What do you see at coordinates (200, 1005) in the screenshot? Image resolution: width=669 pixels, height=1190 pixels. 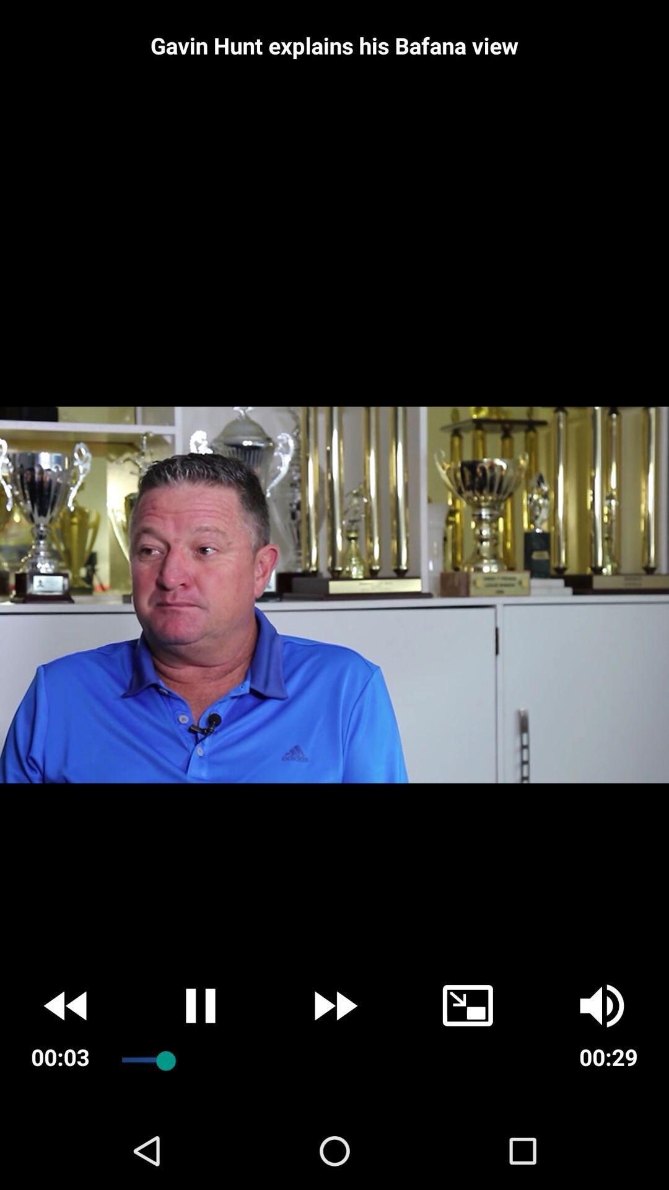 I see `the pause icon` at bounding box center [200, 1005].